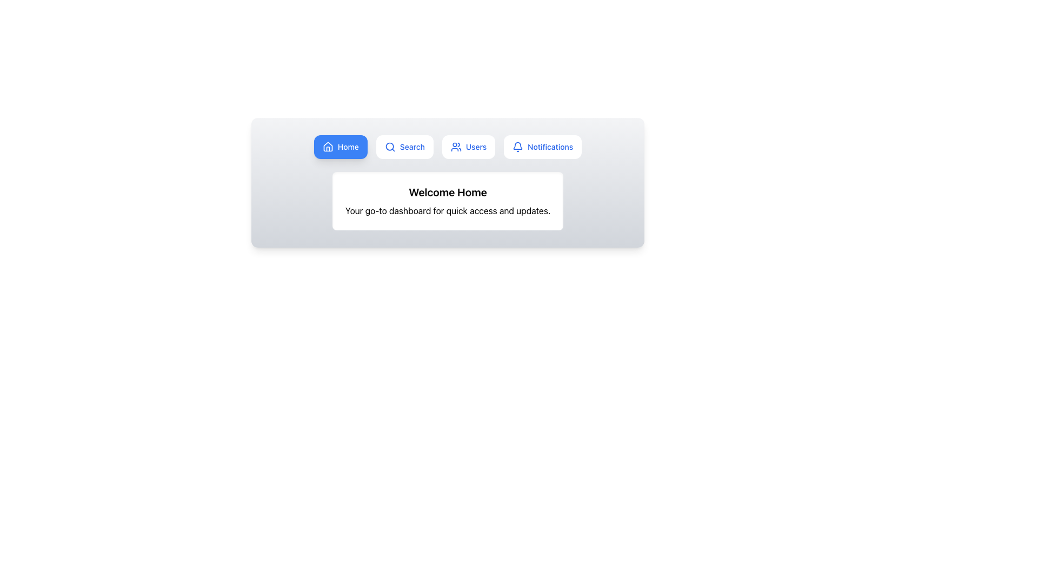 This screenshot has width=1038, height=584. I want to click on the Notifications button represented by the bell icon, which is the fourth button from the left in the navigation bar, so click(517, 147).